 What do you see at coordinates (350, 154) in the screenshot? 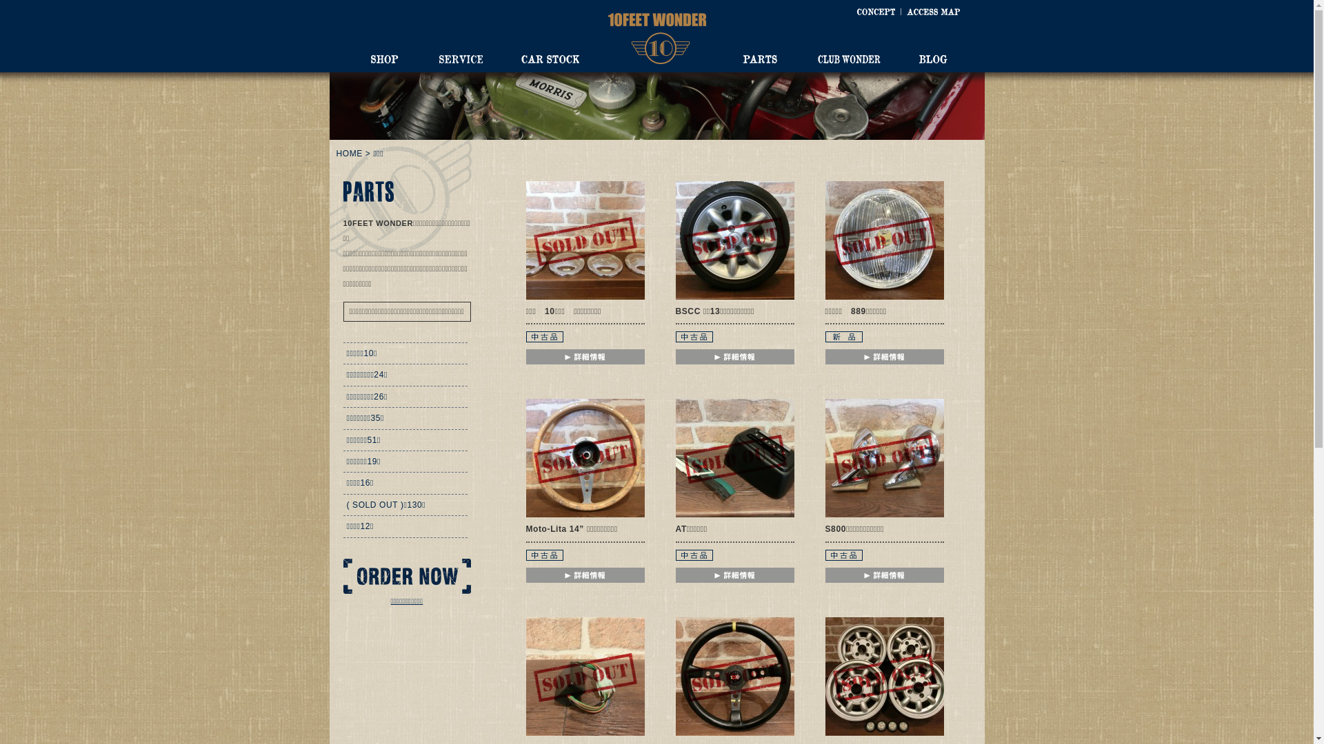
I see `'HOME'` at bounding box center [350, 154].